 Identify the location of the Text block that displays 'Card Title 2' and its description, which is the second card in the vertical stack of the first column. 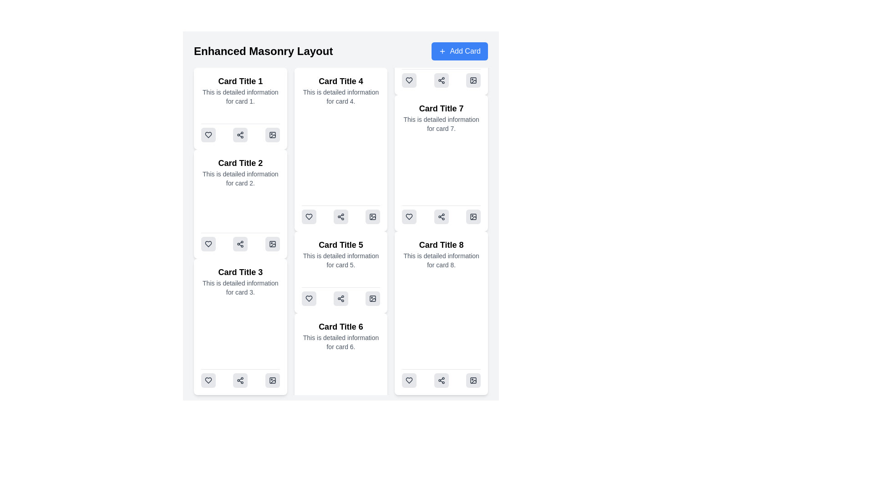
(240, 172).